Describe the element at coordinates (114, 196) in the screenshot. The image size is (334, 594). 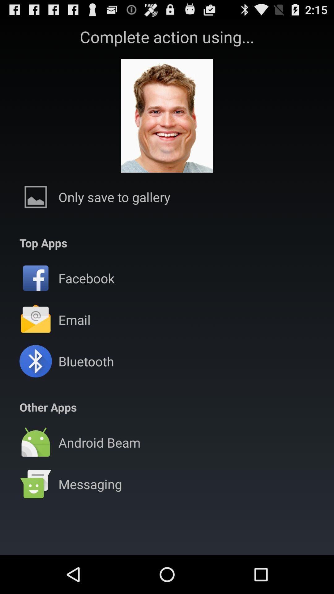
I see `icon above the top apps icon` at that location.